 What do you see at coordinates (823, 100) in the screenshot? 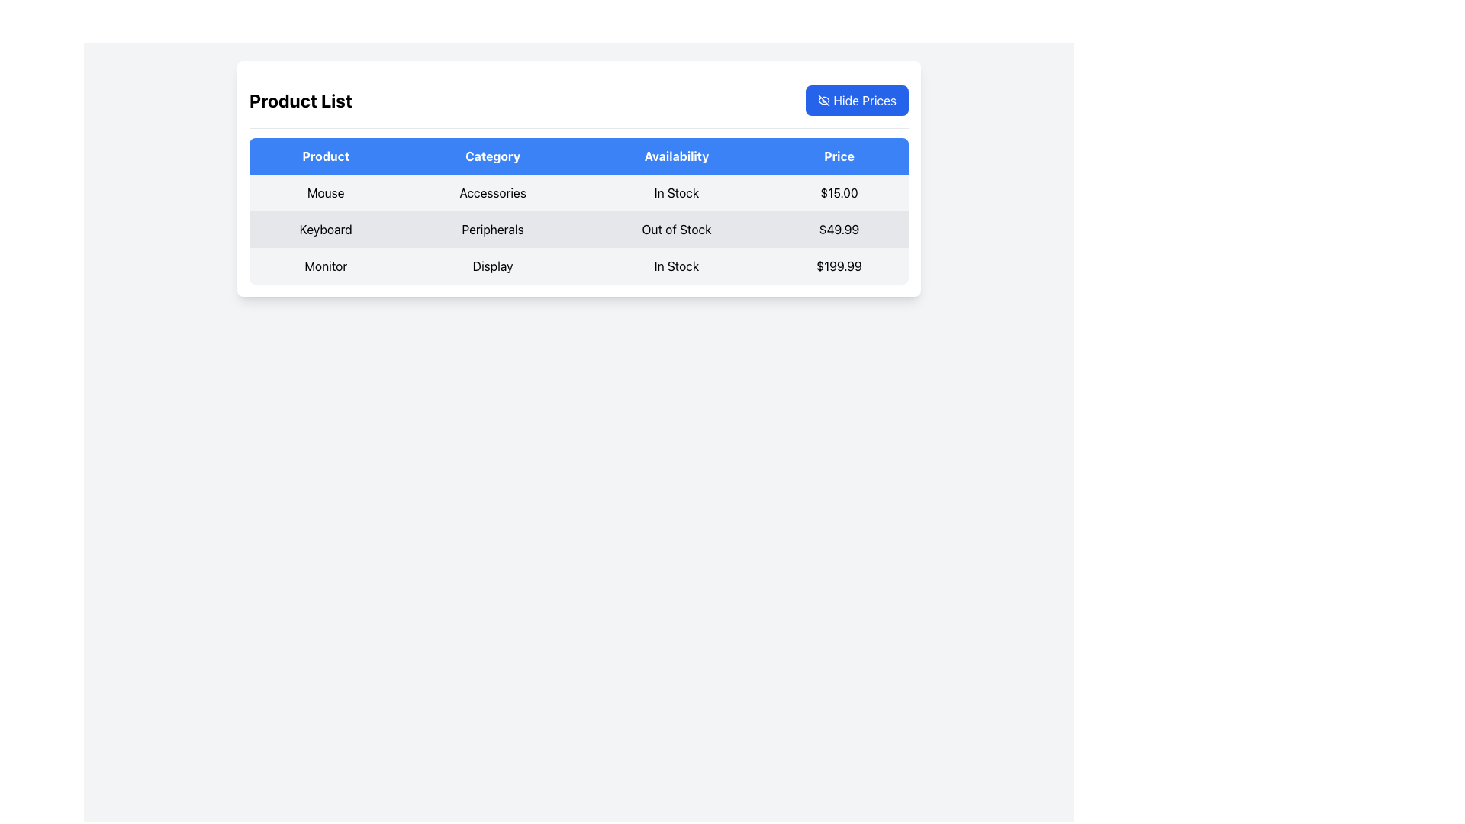
I see `the 'Hide Prices' button which contains the icon for obscuring data, located at the top-right corner of the table header` at bounding box center [823, 100].